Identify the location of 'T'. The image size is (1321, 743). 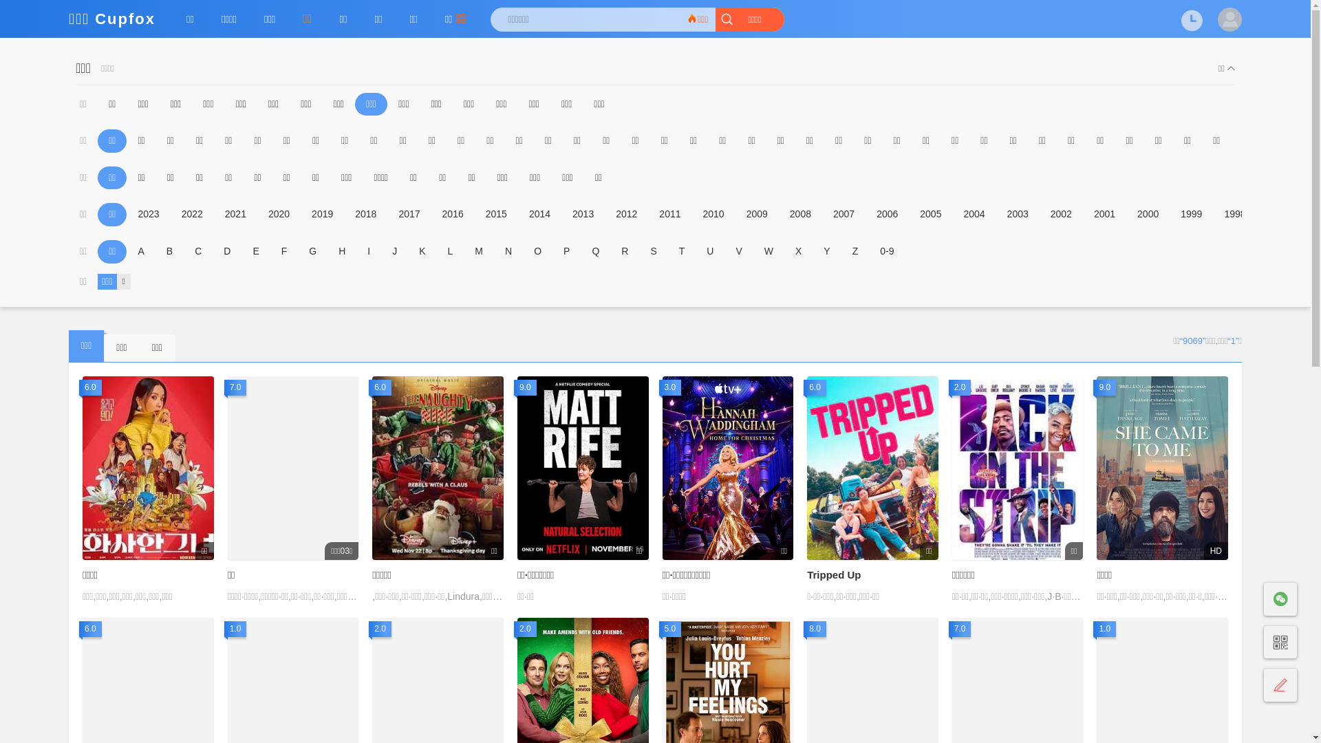
(667, 252).